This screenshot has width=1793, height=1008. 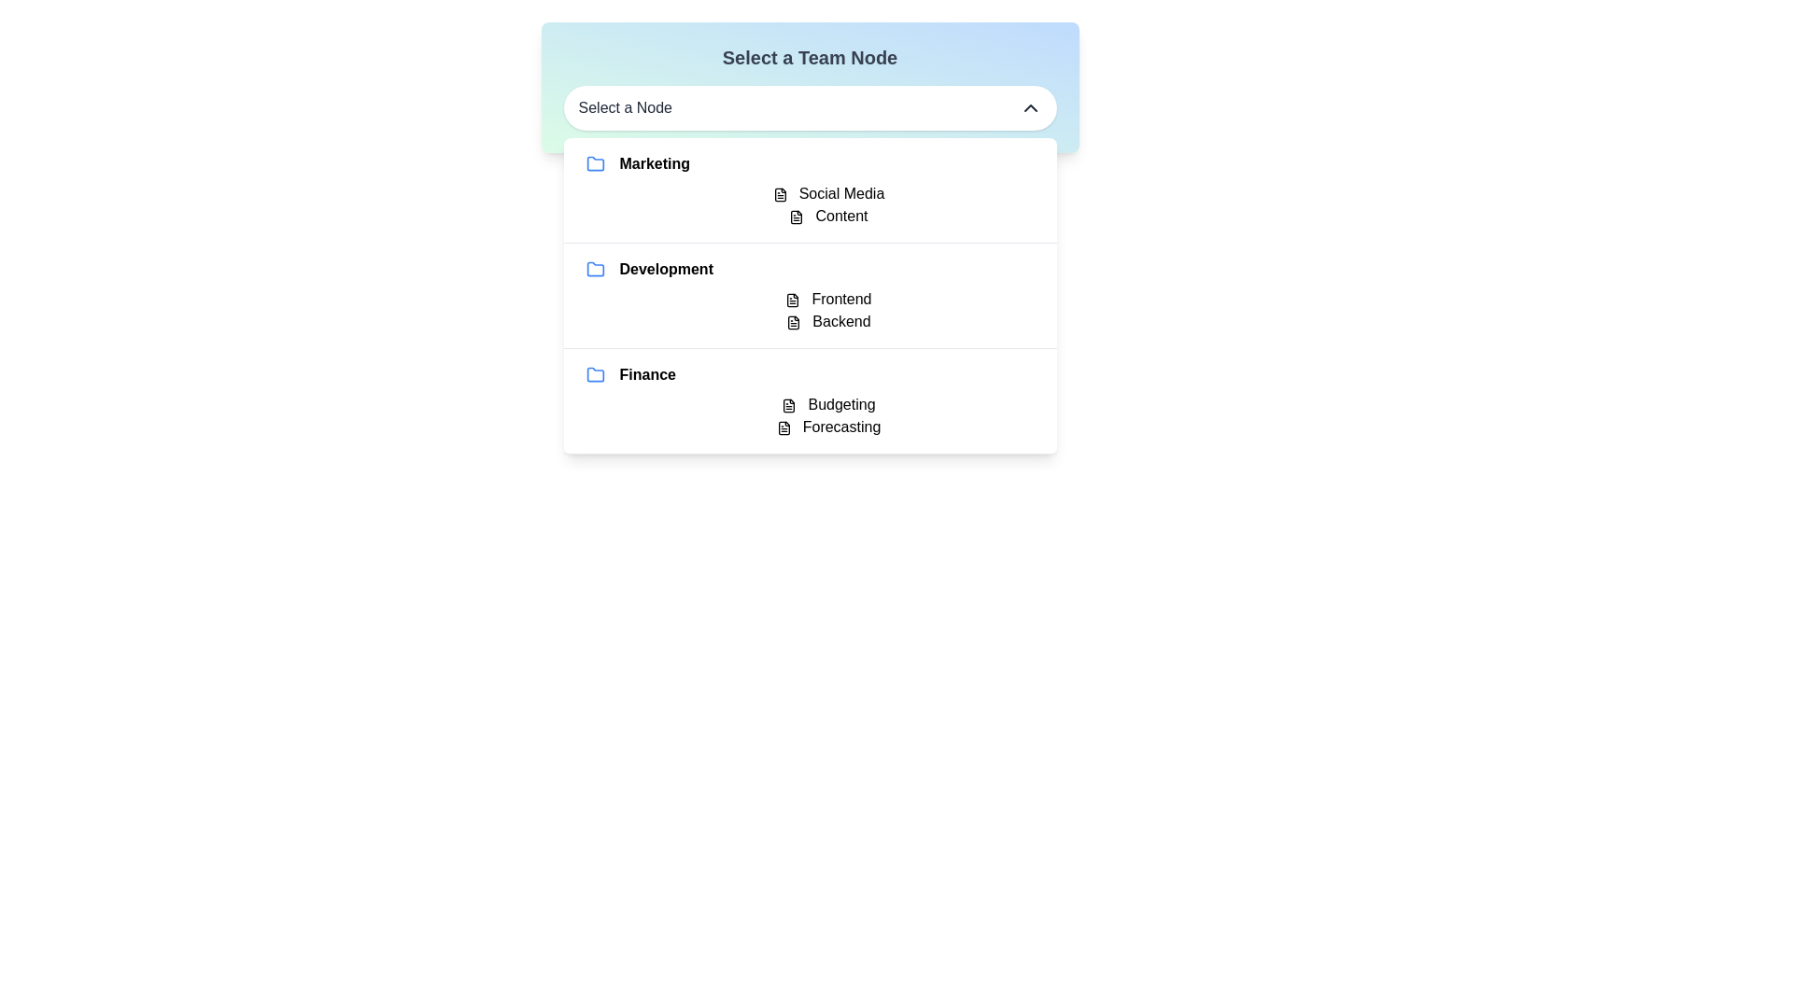 I want to click on the 'Social MediaContent' text label located, so click(x=810, y=204).